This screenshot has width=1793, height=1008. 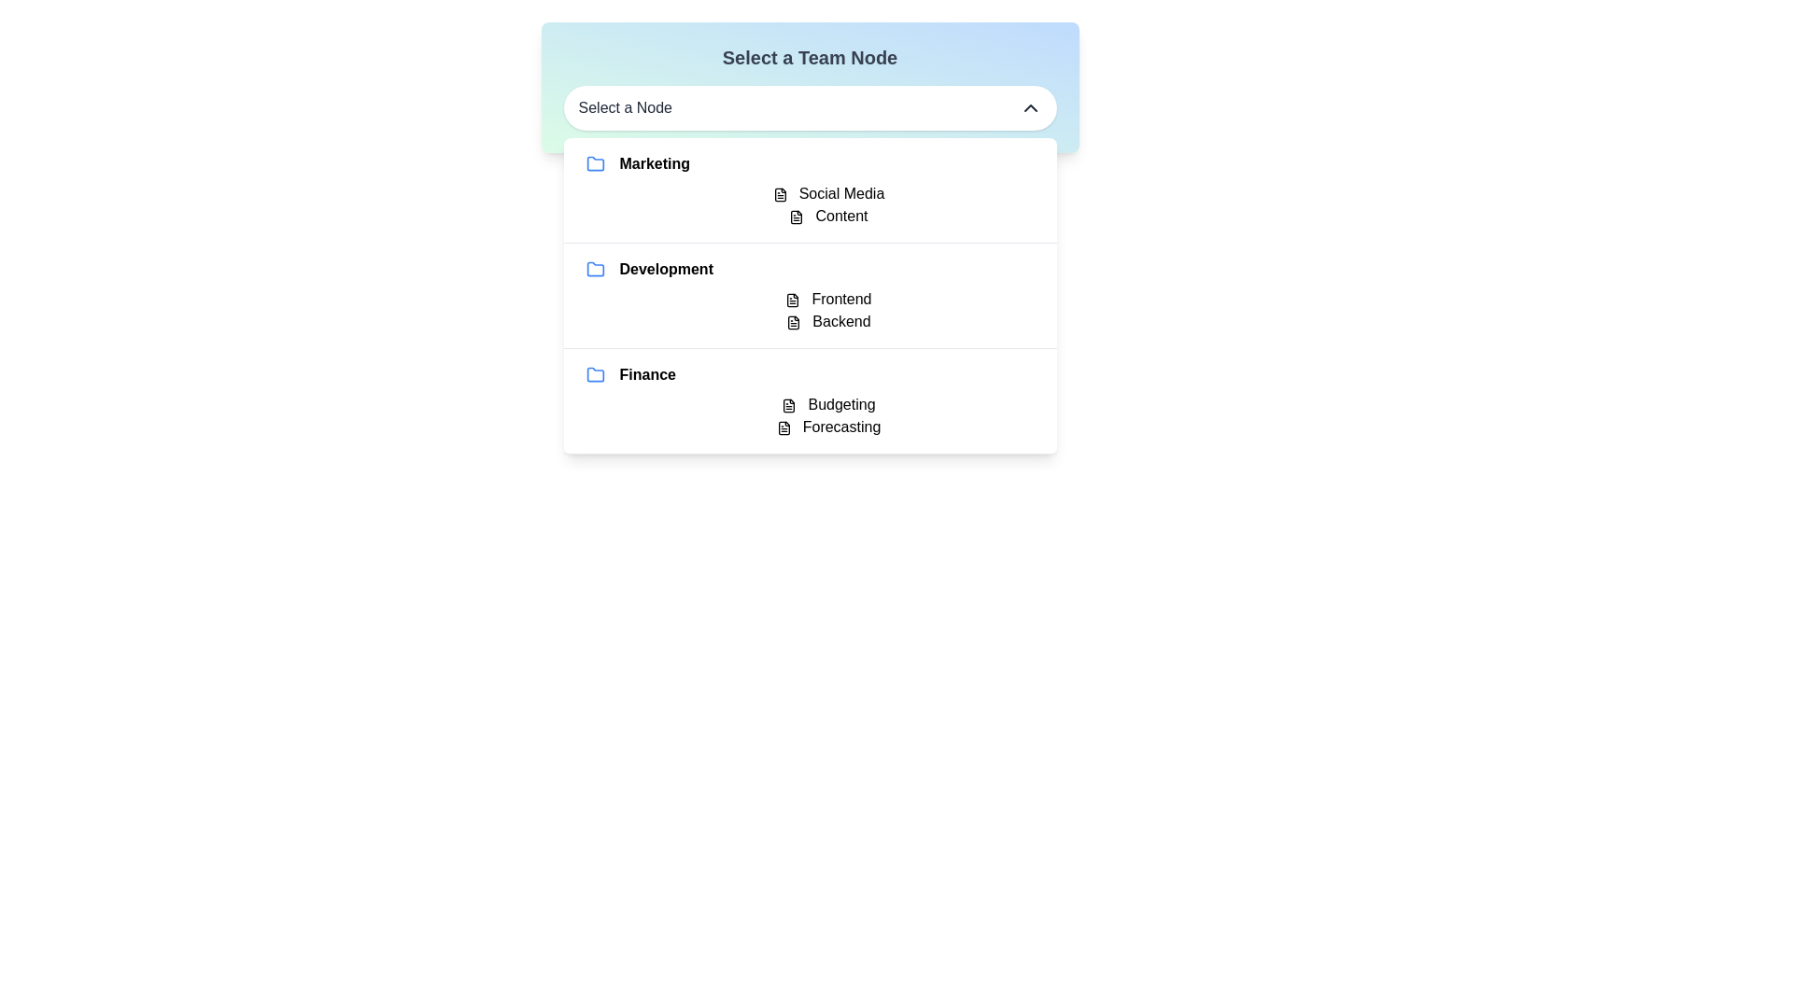 I want to click on the 'Social MediaContent' text label located, so click(x=810, y=204).